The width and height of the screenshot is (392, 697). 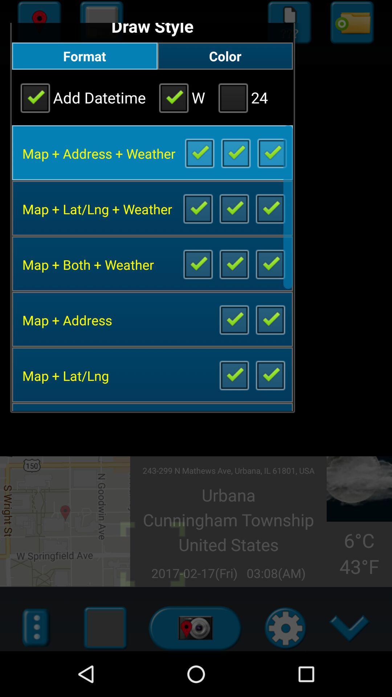 What do you see at coordinates (270, 319) in the screenshot?
I see `include widget` at bounding box center [270, 319].